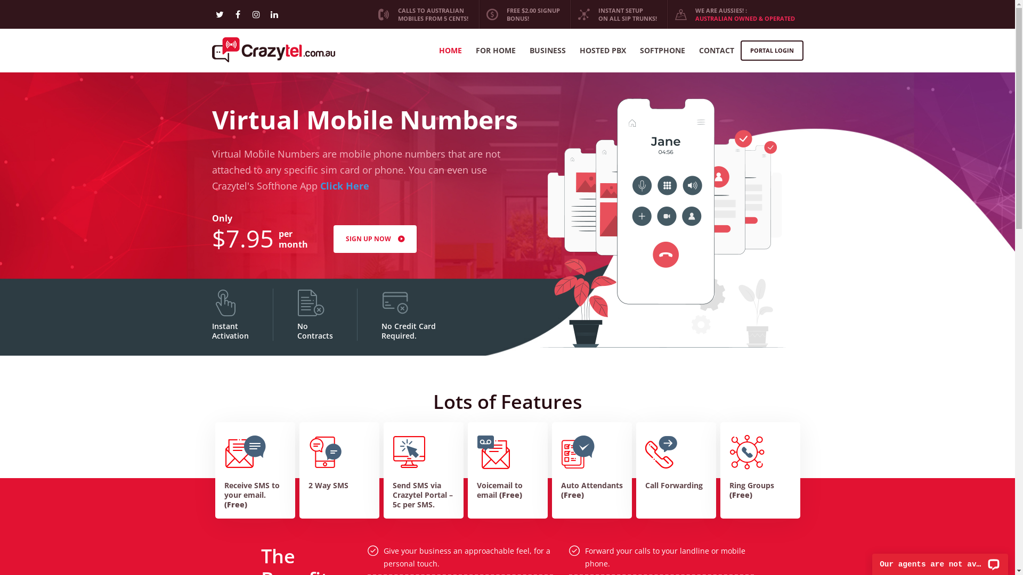 Image resolution: width=1023 pixels, height=575 pixels. What do you see at coordinates (494, 51) in the screenshot?
I see `'FOR HOME'` at bounding box center [494, 51].